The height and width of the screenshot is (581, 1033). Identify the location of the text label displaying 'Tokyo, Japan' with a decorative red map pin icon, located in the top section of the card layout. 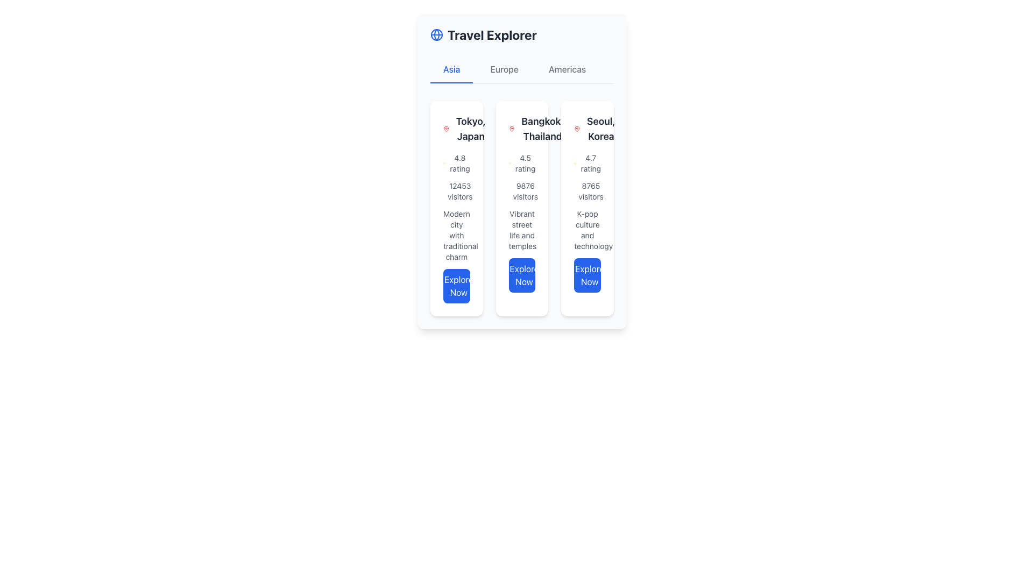
(456, 128).